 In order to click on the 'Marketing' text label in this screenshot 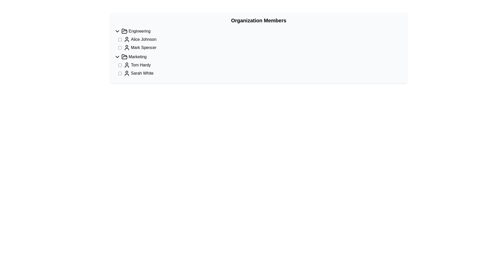, I will do `click(138, 57)`.